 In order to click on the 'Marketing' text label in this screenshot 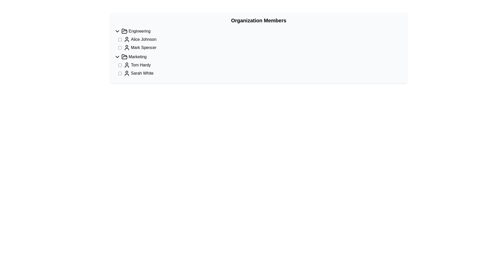, I will do `click(138, 57)`.